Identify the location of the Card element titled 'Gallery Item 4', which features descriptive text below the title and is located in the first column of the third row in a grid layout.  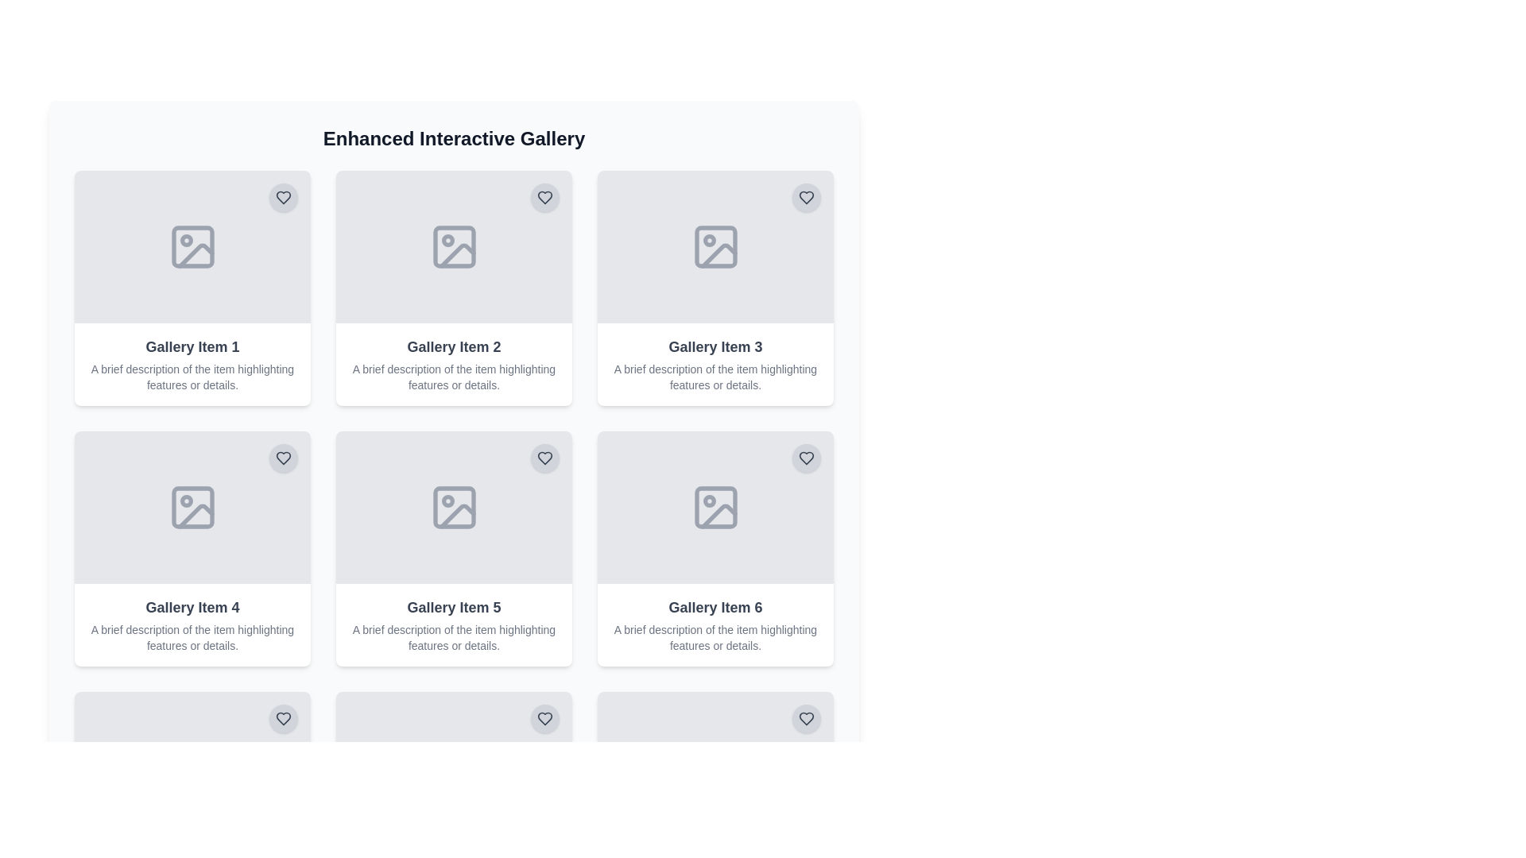
(192, 624).